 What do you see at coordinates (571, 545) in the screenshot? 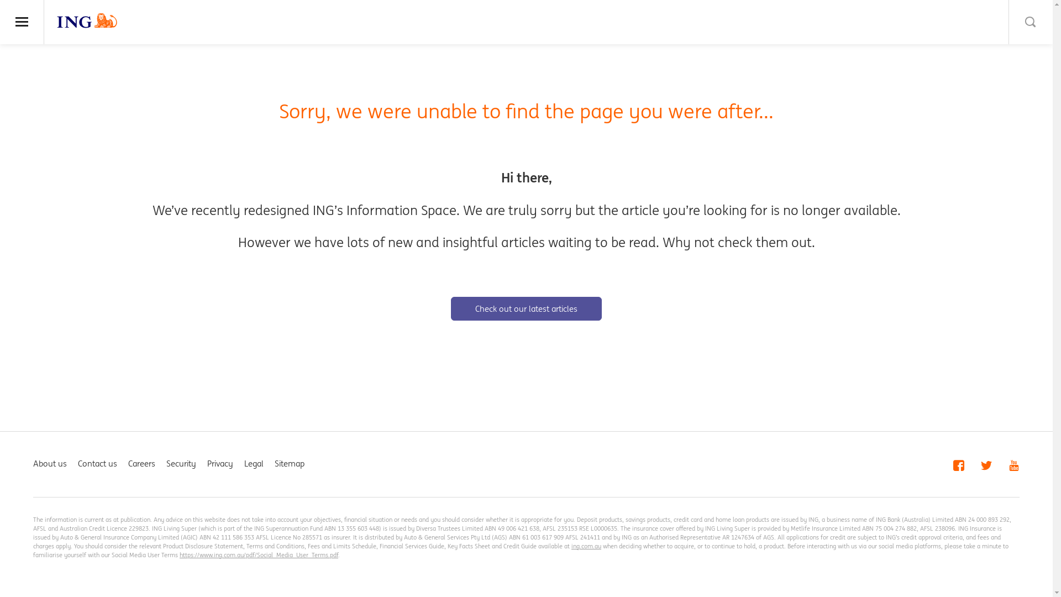
I see `'ing.com.au'` at bounding box center [571, 545].